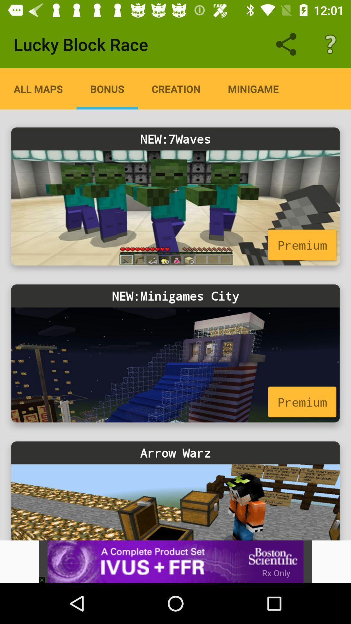 This screenshot has height=624, width=351. Describe the element at coordinates (175, 207) in the screenshot. I see `opens the video selection pictured` at that location.